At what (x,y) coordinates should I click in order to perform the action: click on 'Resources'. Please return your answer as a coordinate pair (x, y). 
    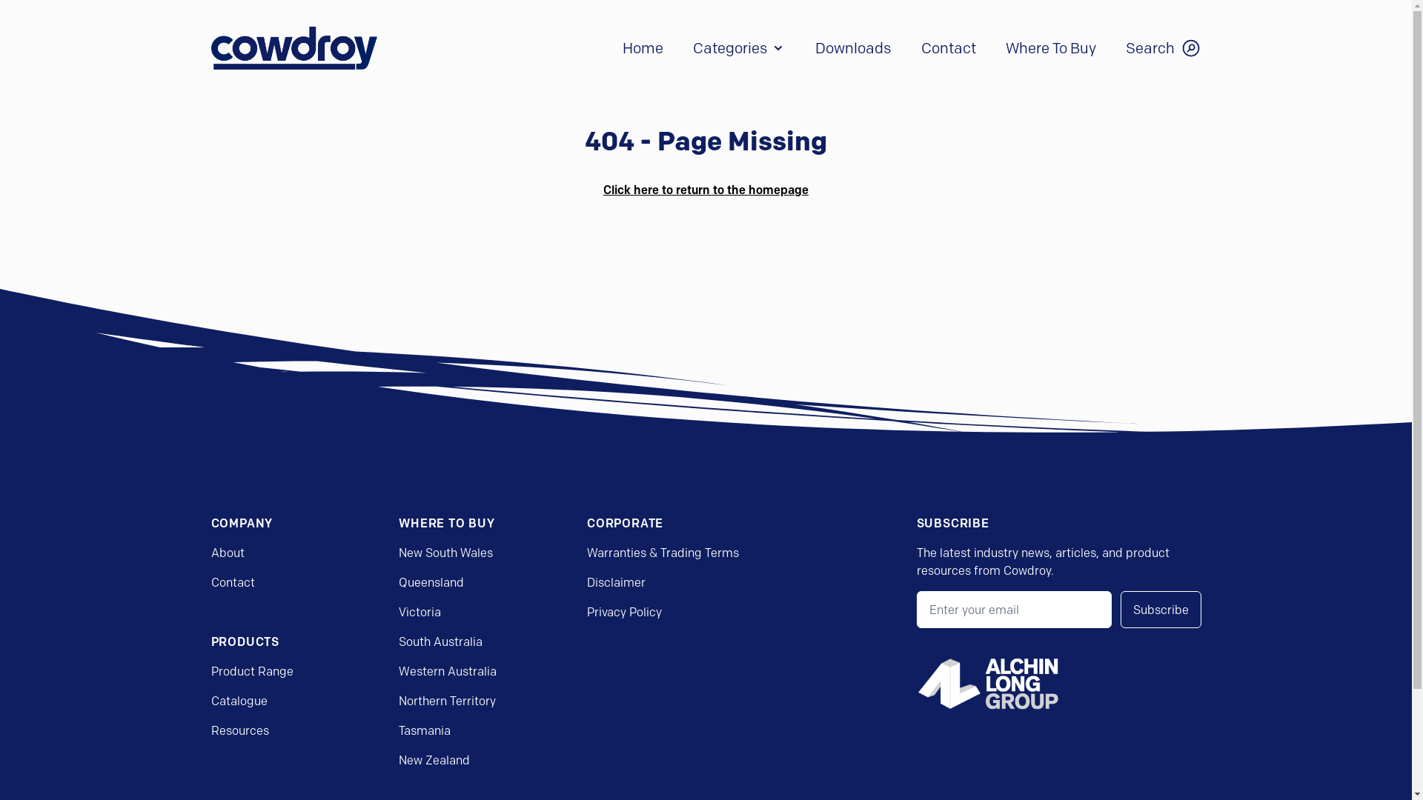
    Looking at the image, I should click on (239, 730).